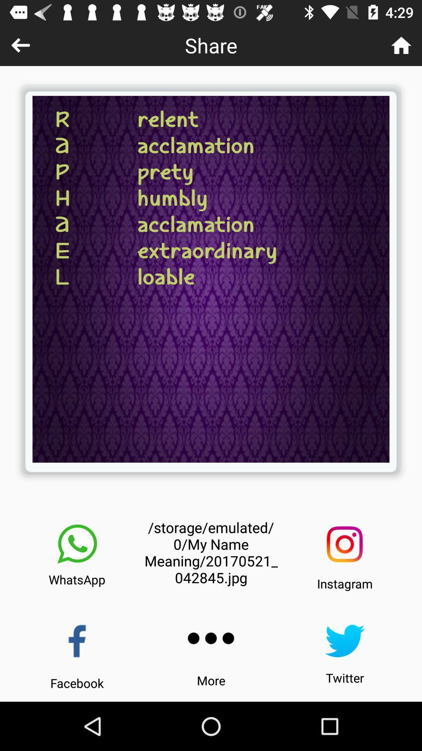  Describe the element at coordinates (344, 544) in the screenshot. I see `the icon next to the storage emulated 0 icon` at that location.